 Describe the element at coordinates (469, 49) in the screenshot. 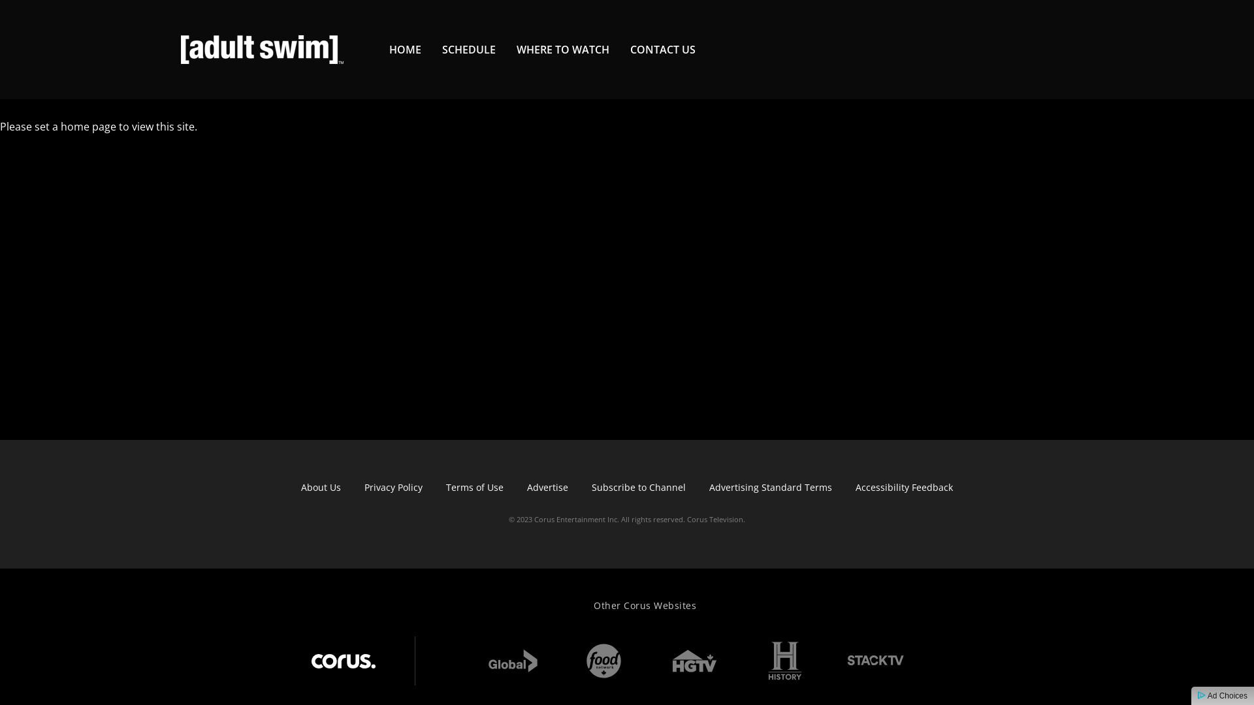

I see `'SCHEDULE'` at that location.